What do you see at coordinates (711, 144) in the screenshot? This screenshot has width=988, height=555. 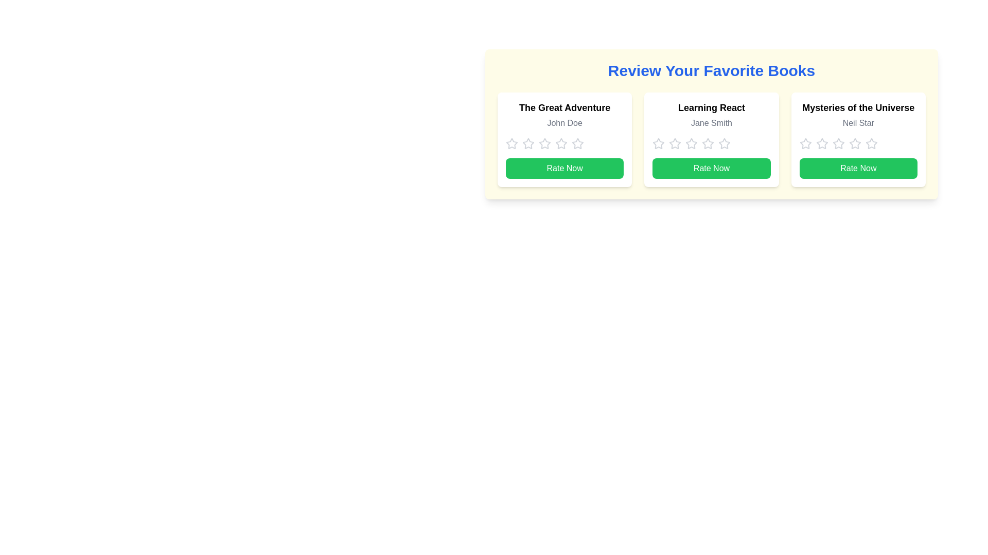 I see `the fourth rating star in the rating bar, which is located below 'Learning React' and 'Jane Smith' and above the 'Rate Now' button, for bulk actions` at bounding box center [711, 144].